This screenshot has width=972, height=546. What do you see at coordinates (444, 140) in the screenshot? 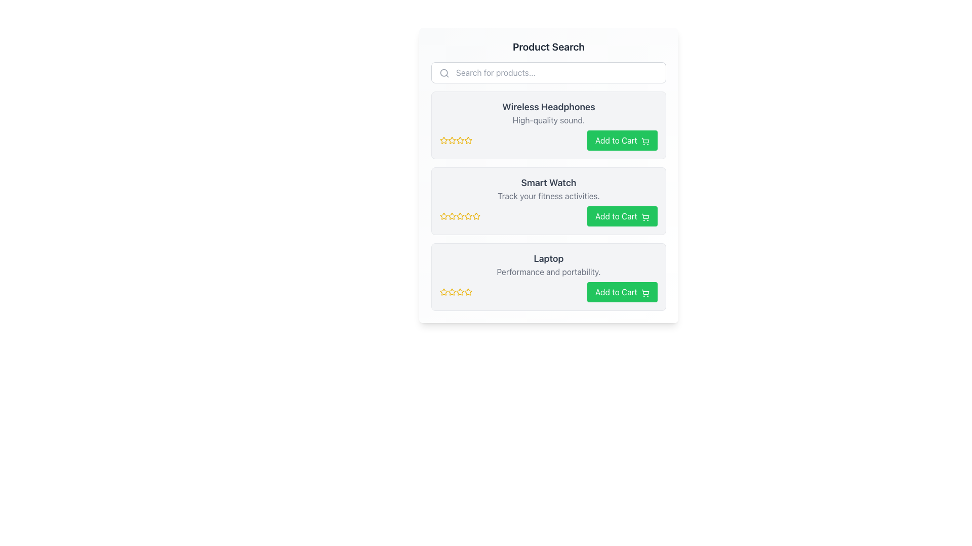
I see `the first star rating icon, which is a yellow star indicating an active state` at bounding box center [444, 140].